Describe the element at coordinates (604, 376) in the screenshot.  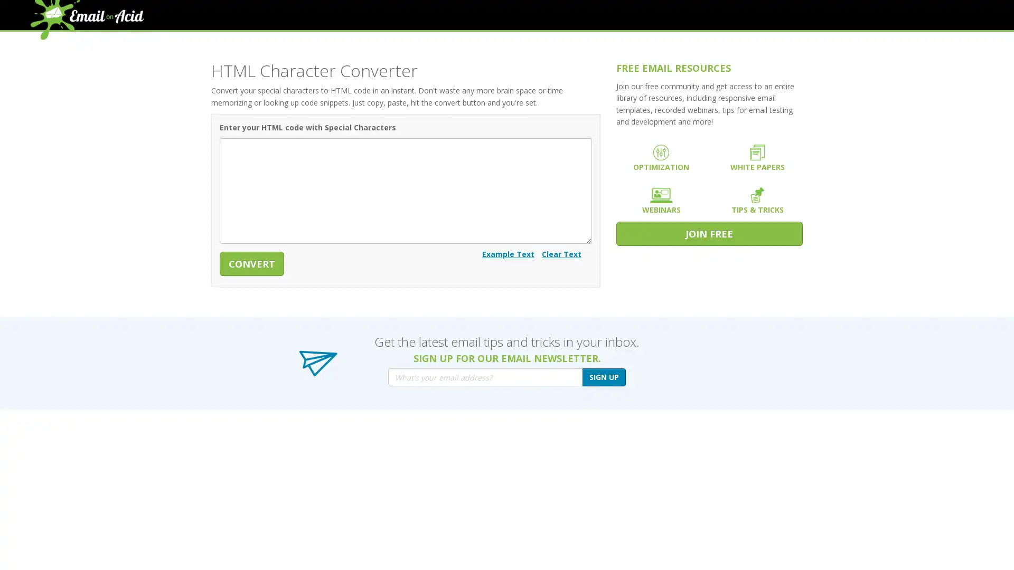
I see `SIGN UP` at that location.